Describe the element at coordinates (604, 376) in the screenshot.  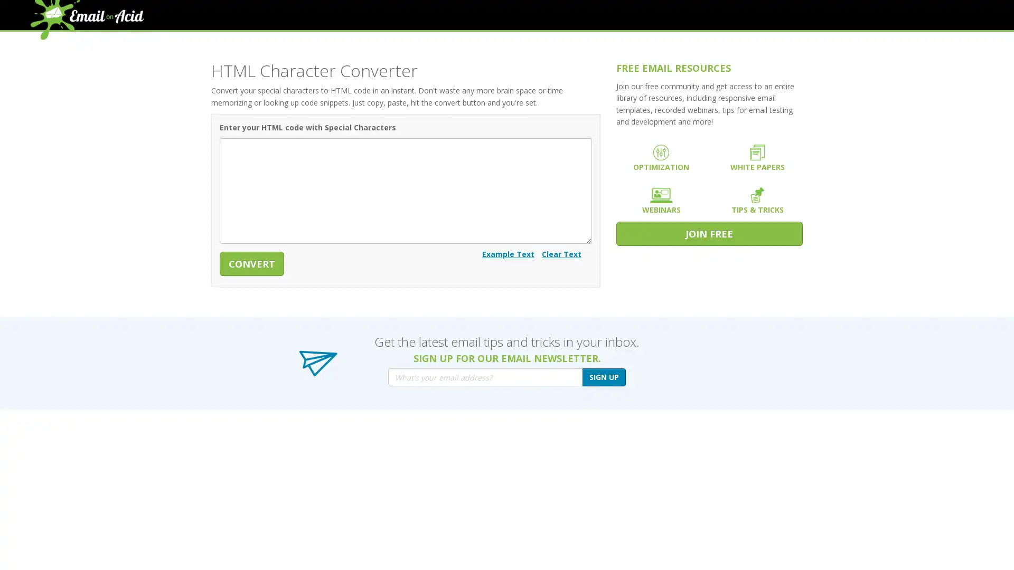
I see `SIGN UP` at that location.